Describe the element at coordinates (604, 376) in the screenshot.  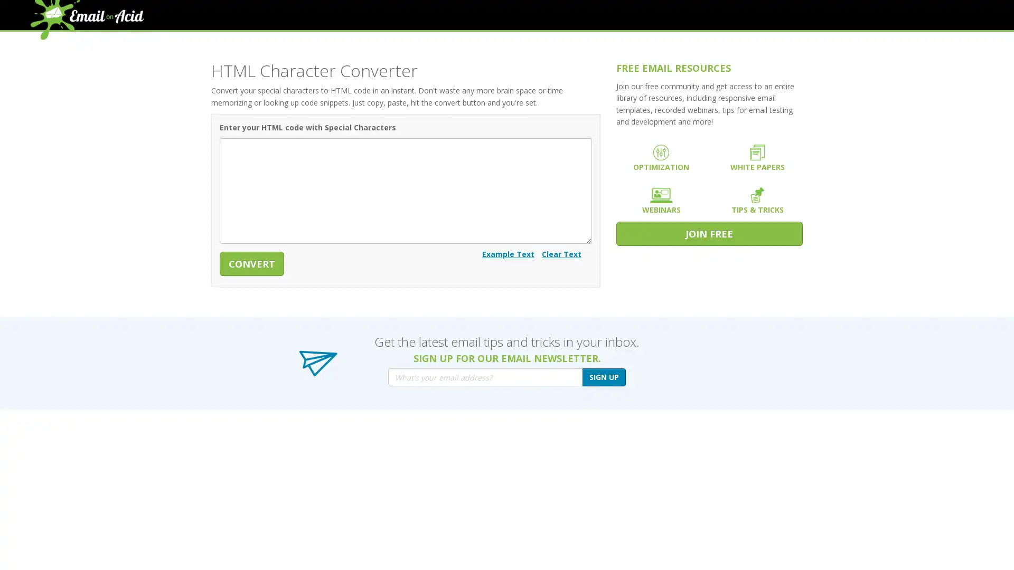
I see `SIGN UP` at that location.